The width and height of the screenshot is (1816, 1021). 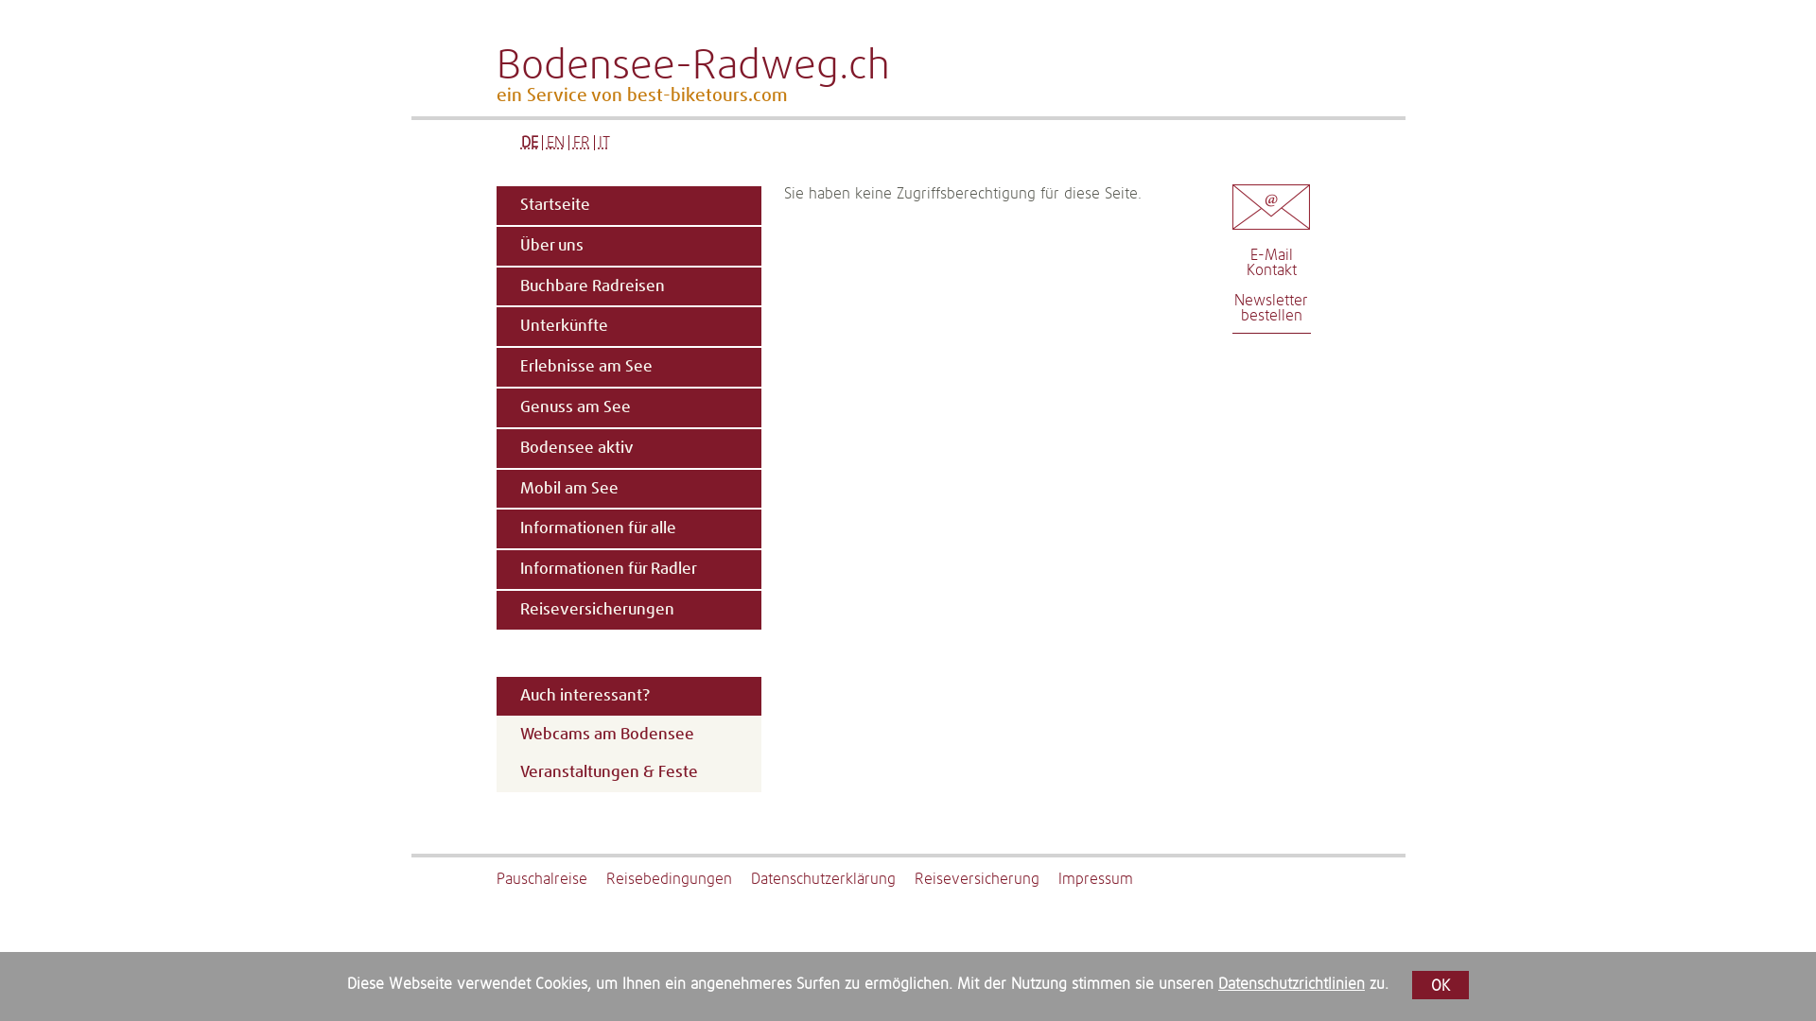 What do you see at coordinates (627, 734) in the screenshot?
I see `'Webcams am Bodensee'` at bounding box center [627, 734].